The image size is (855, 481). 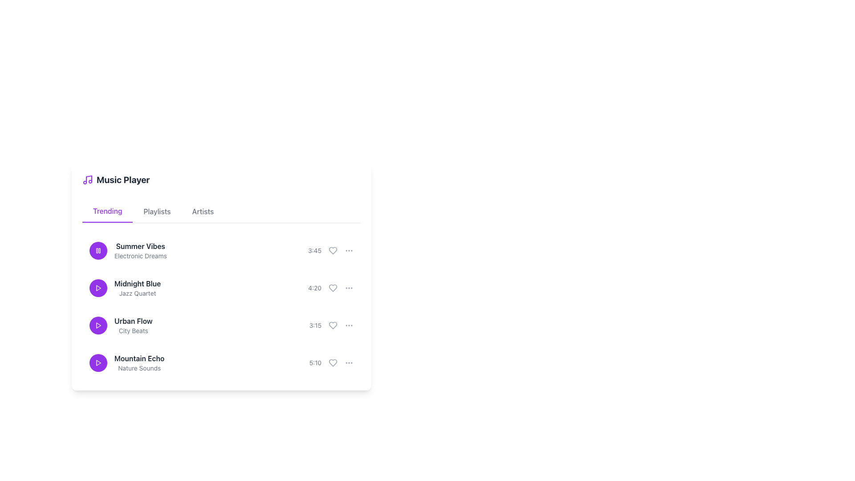 I want to click on static text label located beneath the 'Midnight Blue' title in the second row of the list in the 'Trending' tab of the music player interface, so click(x=137, y=293).